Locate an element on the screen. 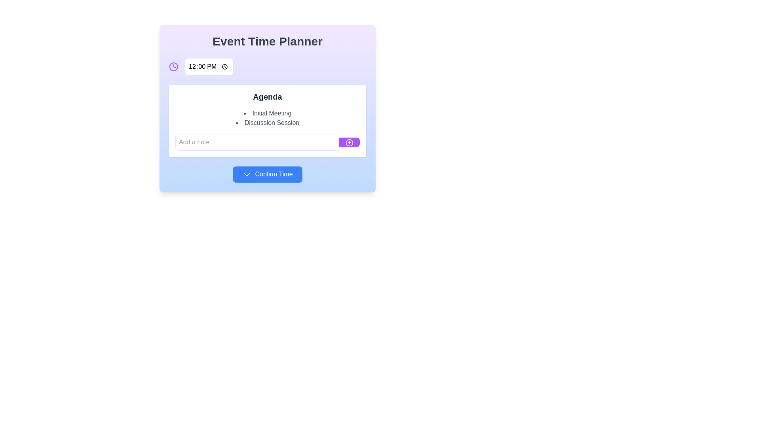 The image size is (760, 427). the first agenda item label in the bulleted list, which is located below the 'Agenda' heading and above the 'Discussion Session' is located at coordinates (268, 113).